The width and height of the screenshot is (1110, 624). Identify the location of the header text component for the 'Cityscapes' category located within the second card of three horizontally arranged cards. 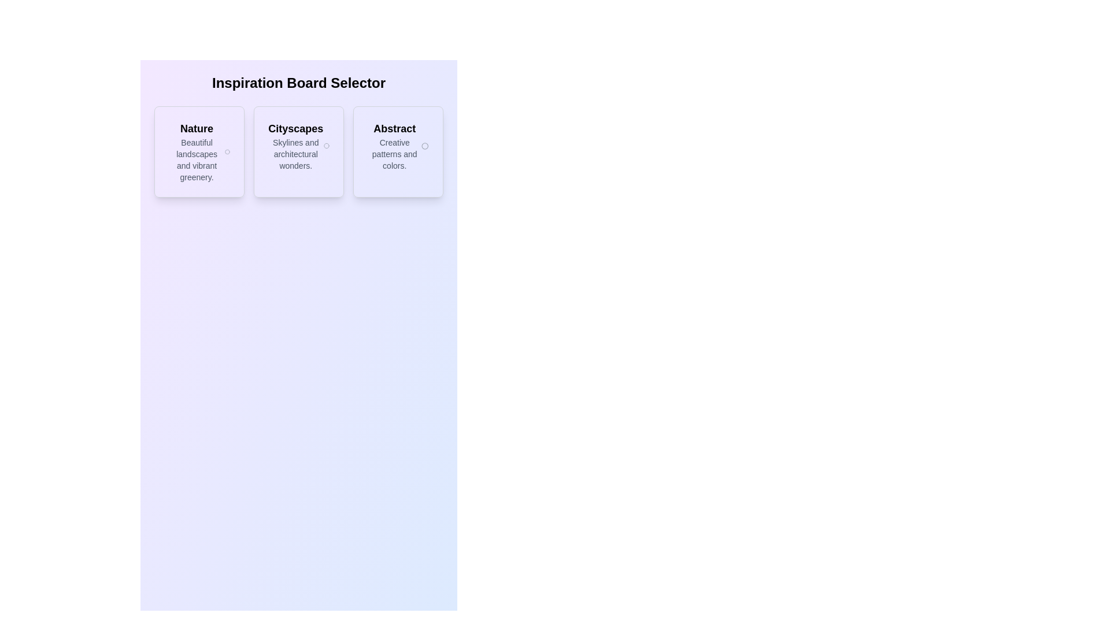
(299, 146).